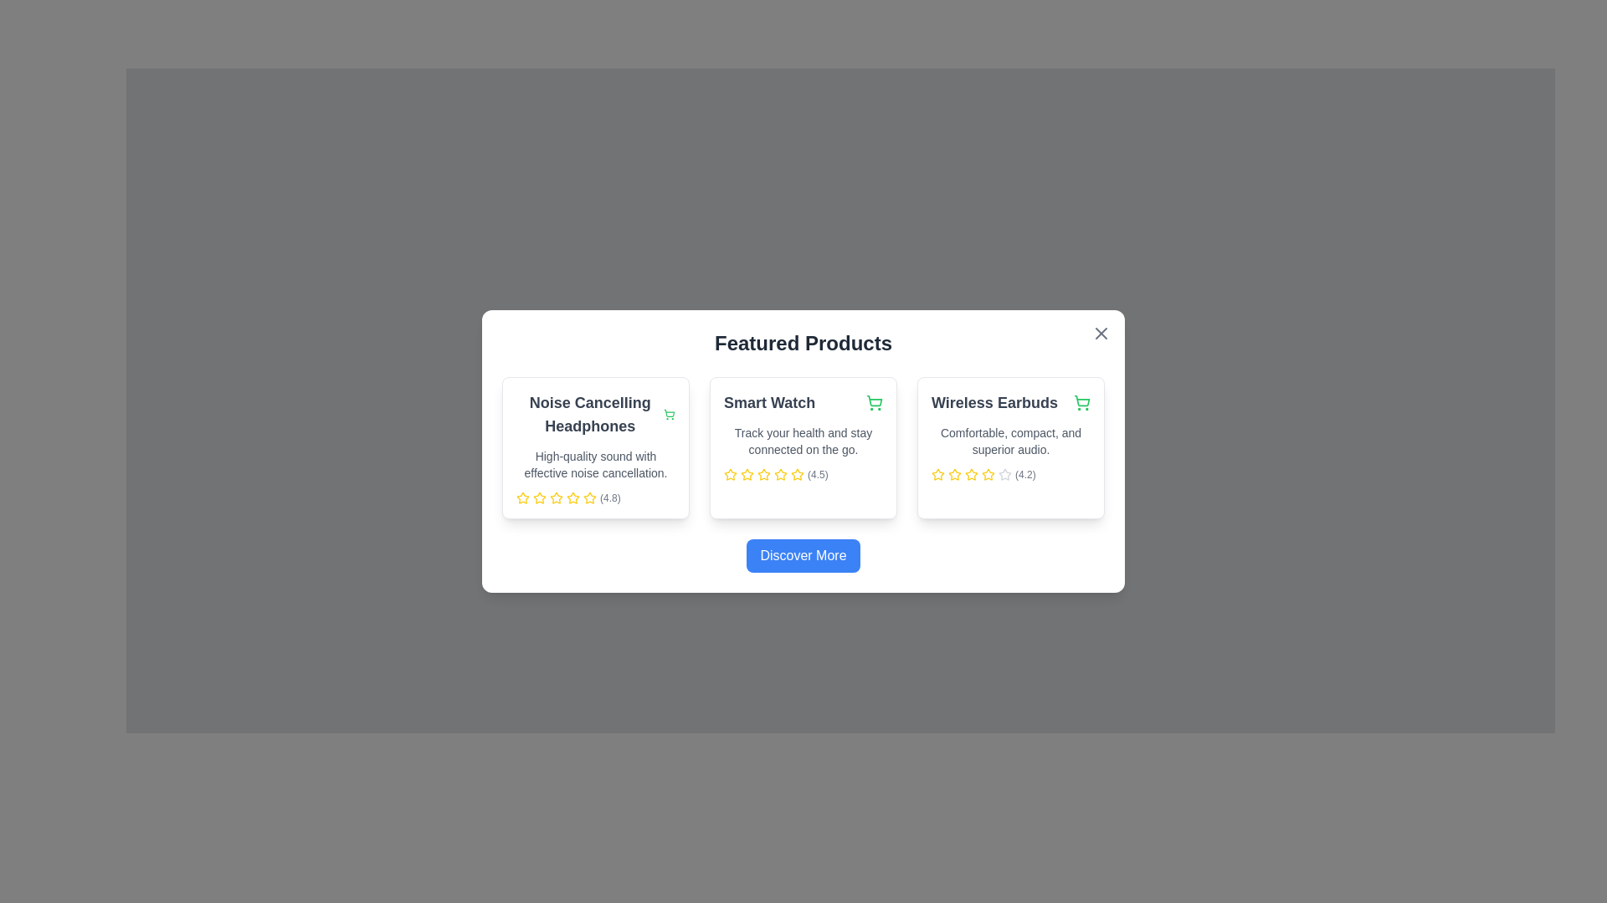 The width and height of the screenshot is (1607, 903). I want to click on the second star Rating Icon in the rating section of the middle 'Smart Watch' product card, so click(731, 474).